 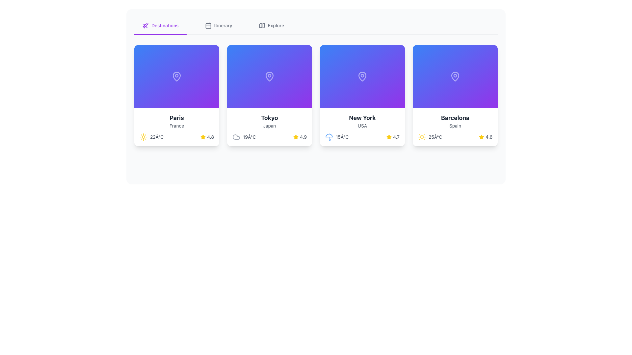 What do you see at coordinates (455, 127) in the screenshot?
I see `the informational card displaying the city 'Barcelona', which includes details like the country 'Spain', temperature '25°C', and a rating of '4.6', located in the fourth card from the left in a horizontal list` at bounding box center [455, 127].